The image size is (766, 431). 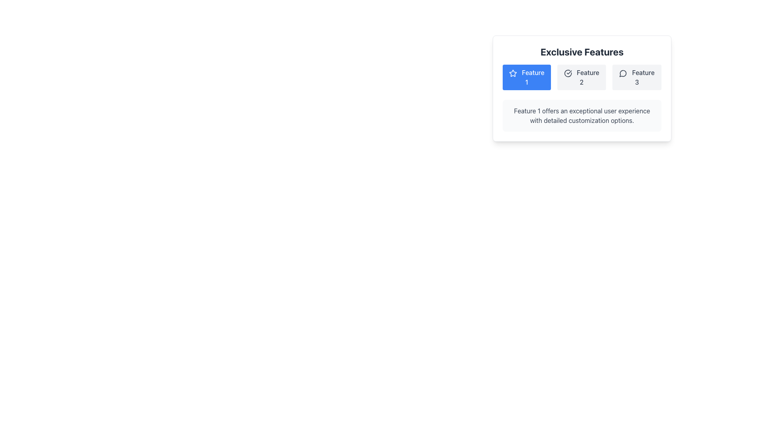 What do you see at coordinates (582, 77) in the screenshot?
I see `the 'Feature 2' button, which is a rectangular button with a light gray background and darker gray text, positioned below the heading 'Exclusive Features'` at bounding box center [582, 77].